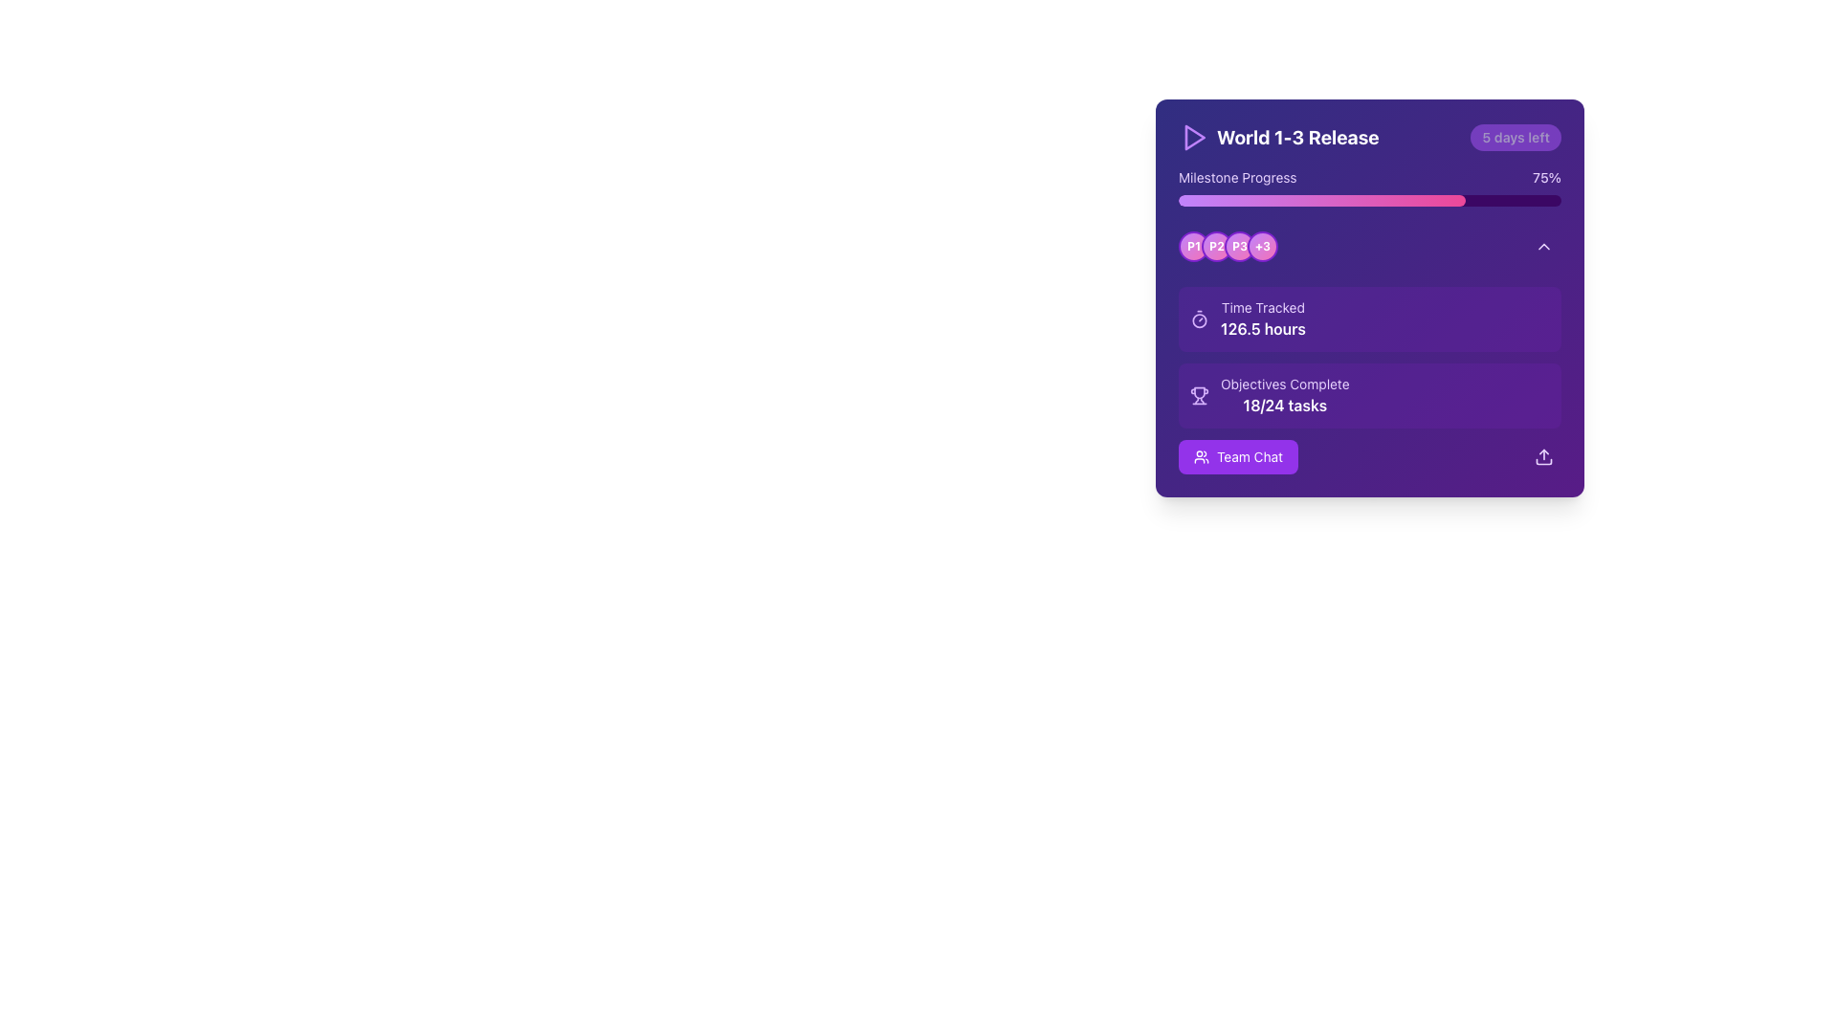 The image size is (1837, 1033). Describe the element at coordinates (1285, 394) in the screenshot. I see `'Objectives Complete' text information which displays progress as '18/24 tasks' in a prominent style within a purple rounded rectangle` at that location.